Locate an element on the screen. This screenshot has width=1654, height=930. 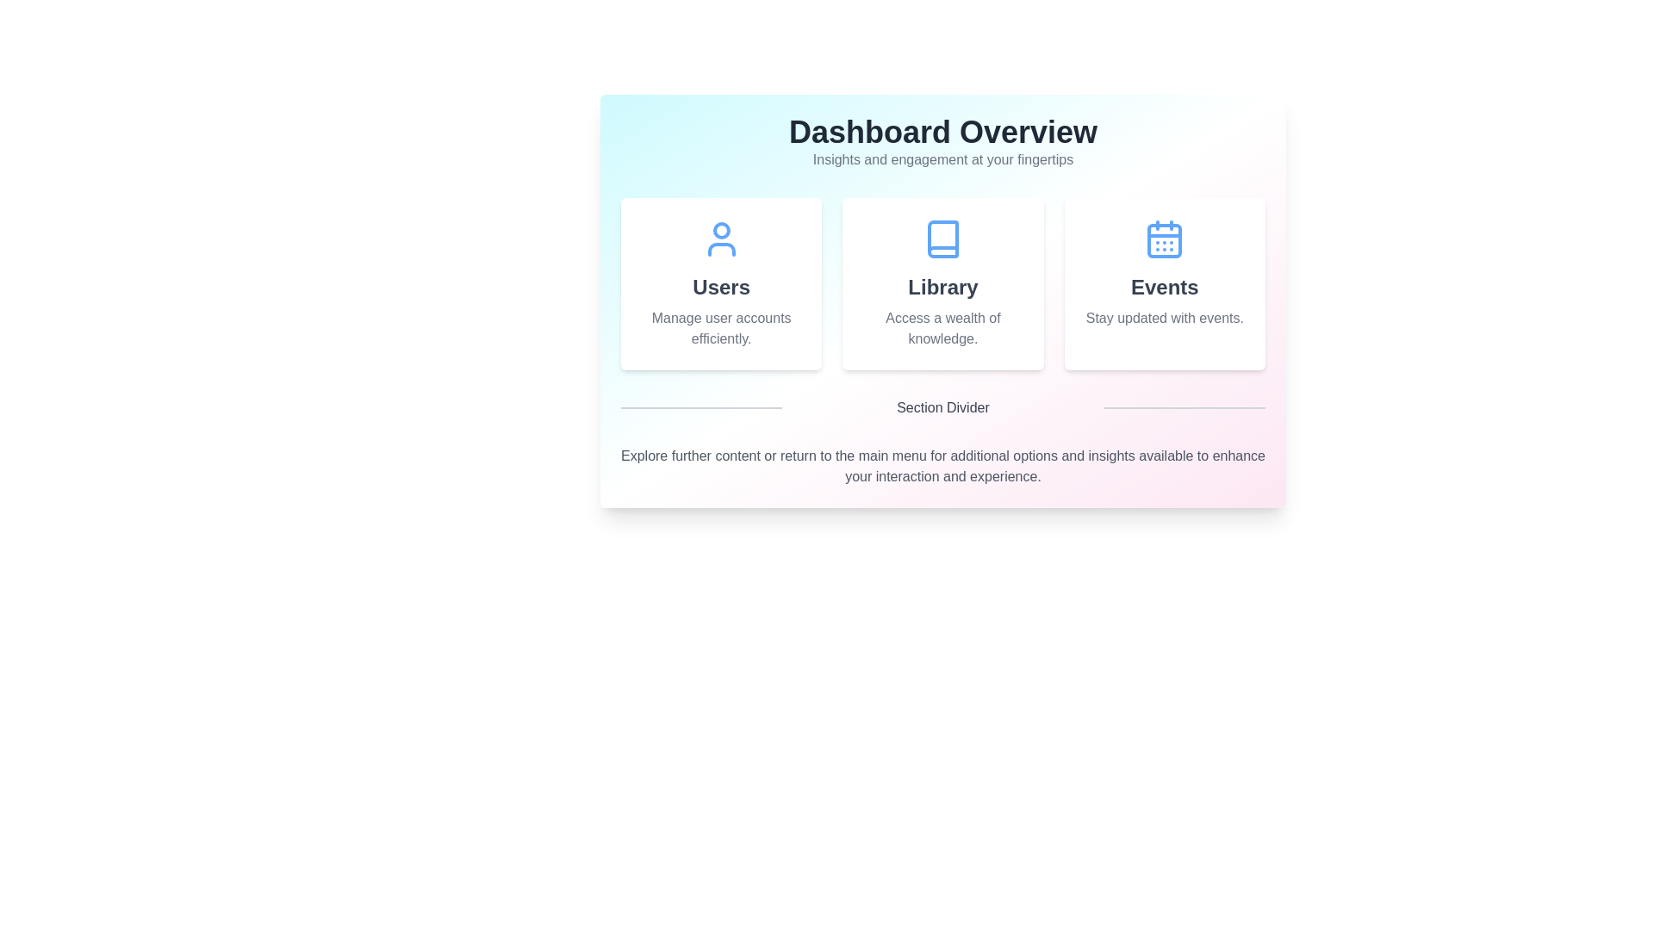
the user icon at the top-center of the 'Users' card, which is a blue outline styled with modern curves, located above the text 'Users' is located at coordinates (721, 239).